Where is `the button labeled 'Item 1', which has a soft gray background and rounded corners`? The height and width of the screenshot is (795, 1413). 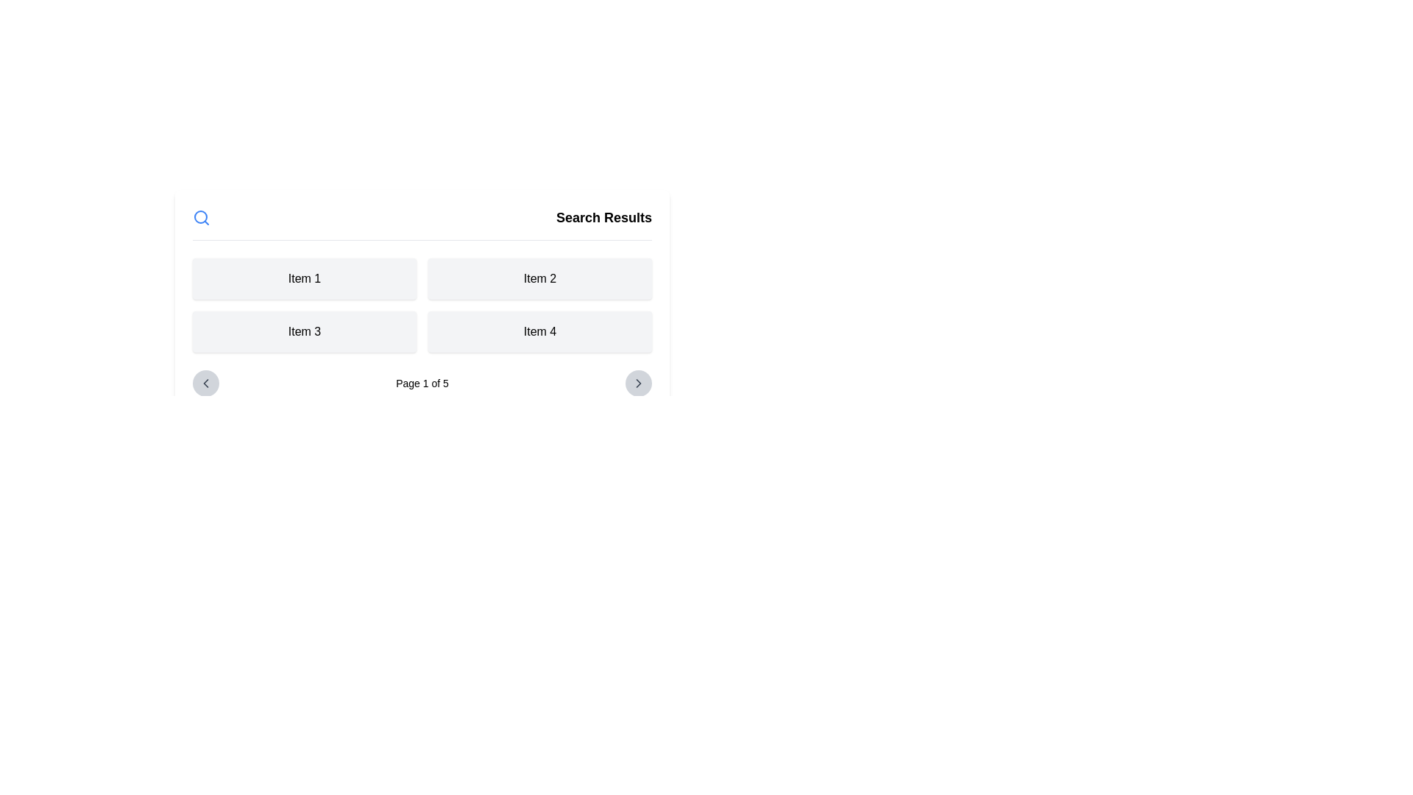
the button labeled 'Item 1', which has a soft gray background and rounded corners is located at coordinates (303, 278).